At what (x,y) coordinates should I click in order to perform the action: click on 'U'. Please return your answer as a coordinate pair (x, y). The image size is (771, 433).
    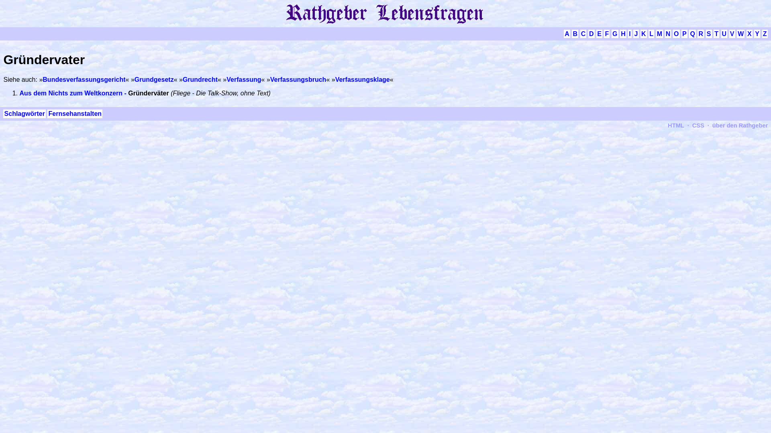
    Looking at the image, I should click on (724, 33).